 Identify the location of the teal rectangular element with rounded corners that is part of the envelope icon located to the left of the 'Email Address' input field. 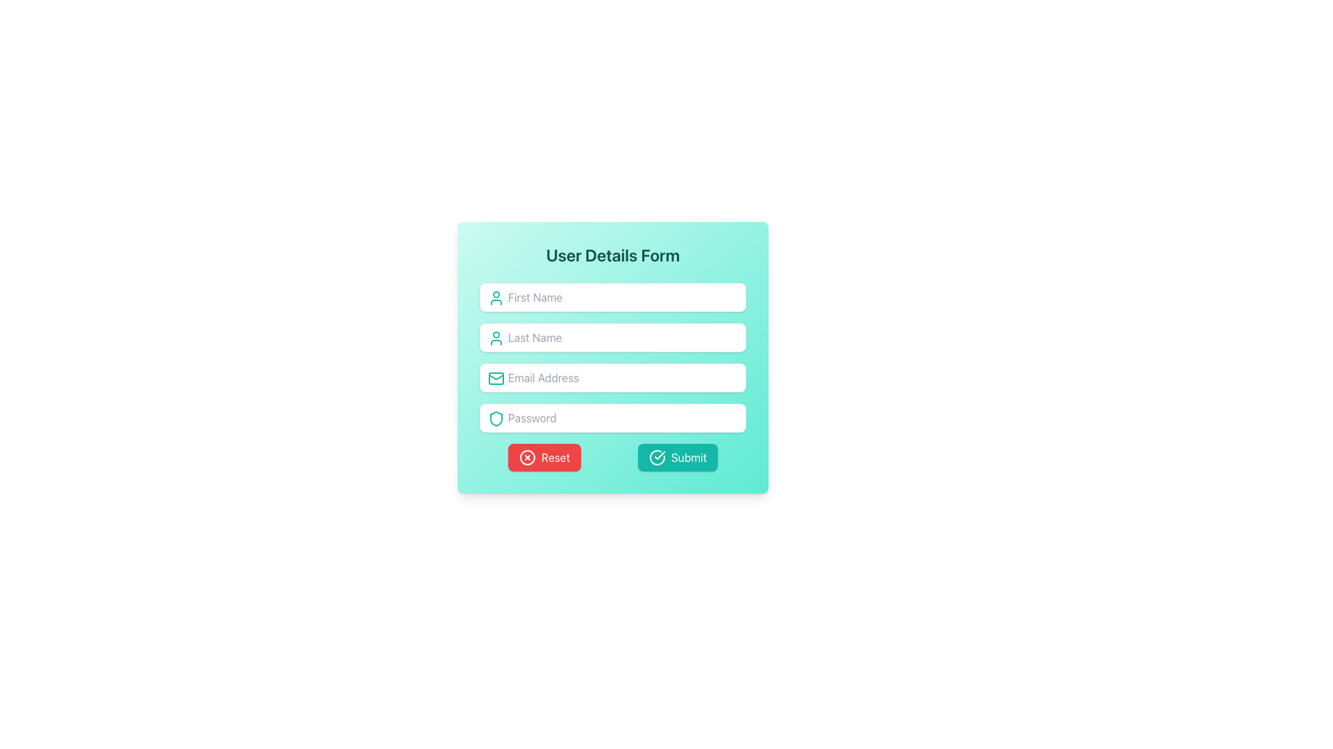
(496, 379).